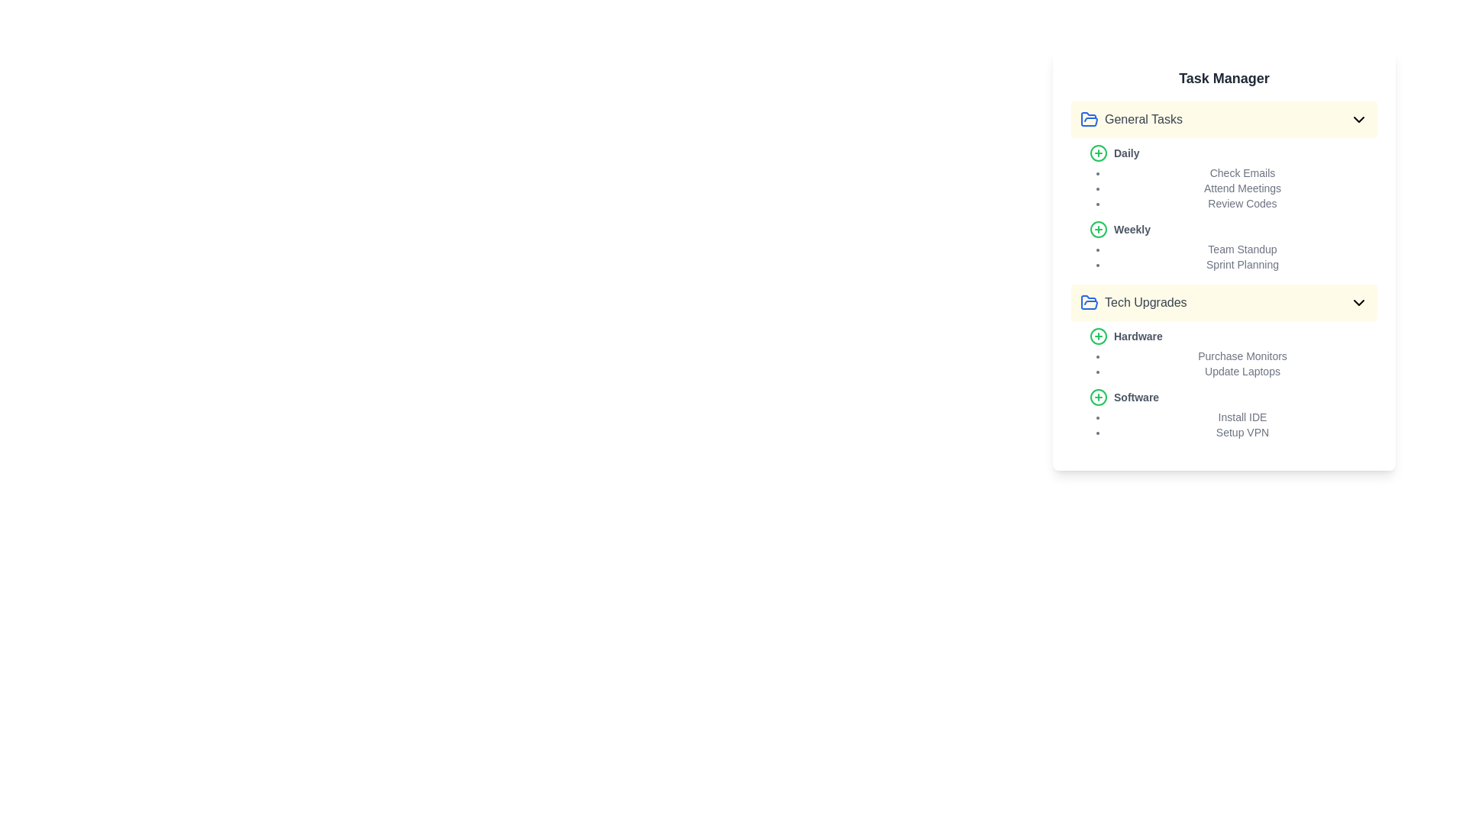 This screenshot has height=824, width=1466. What do you see at coordinates (1242, 249) in the screenshot?
I see `the static text label representing the first task in the 'Weekly' tasks group under 'General Tasks'` at bounding box center [1242, 249].